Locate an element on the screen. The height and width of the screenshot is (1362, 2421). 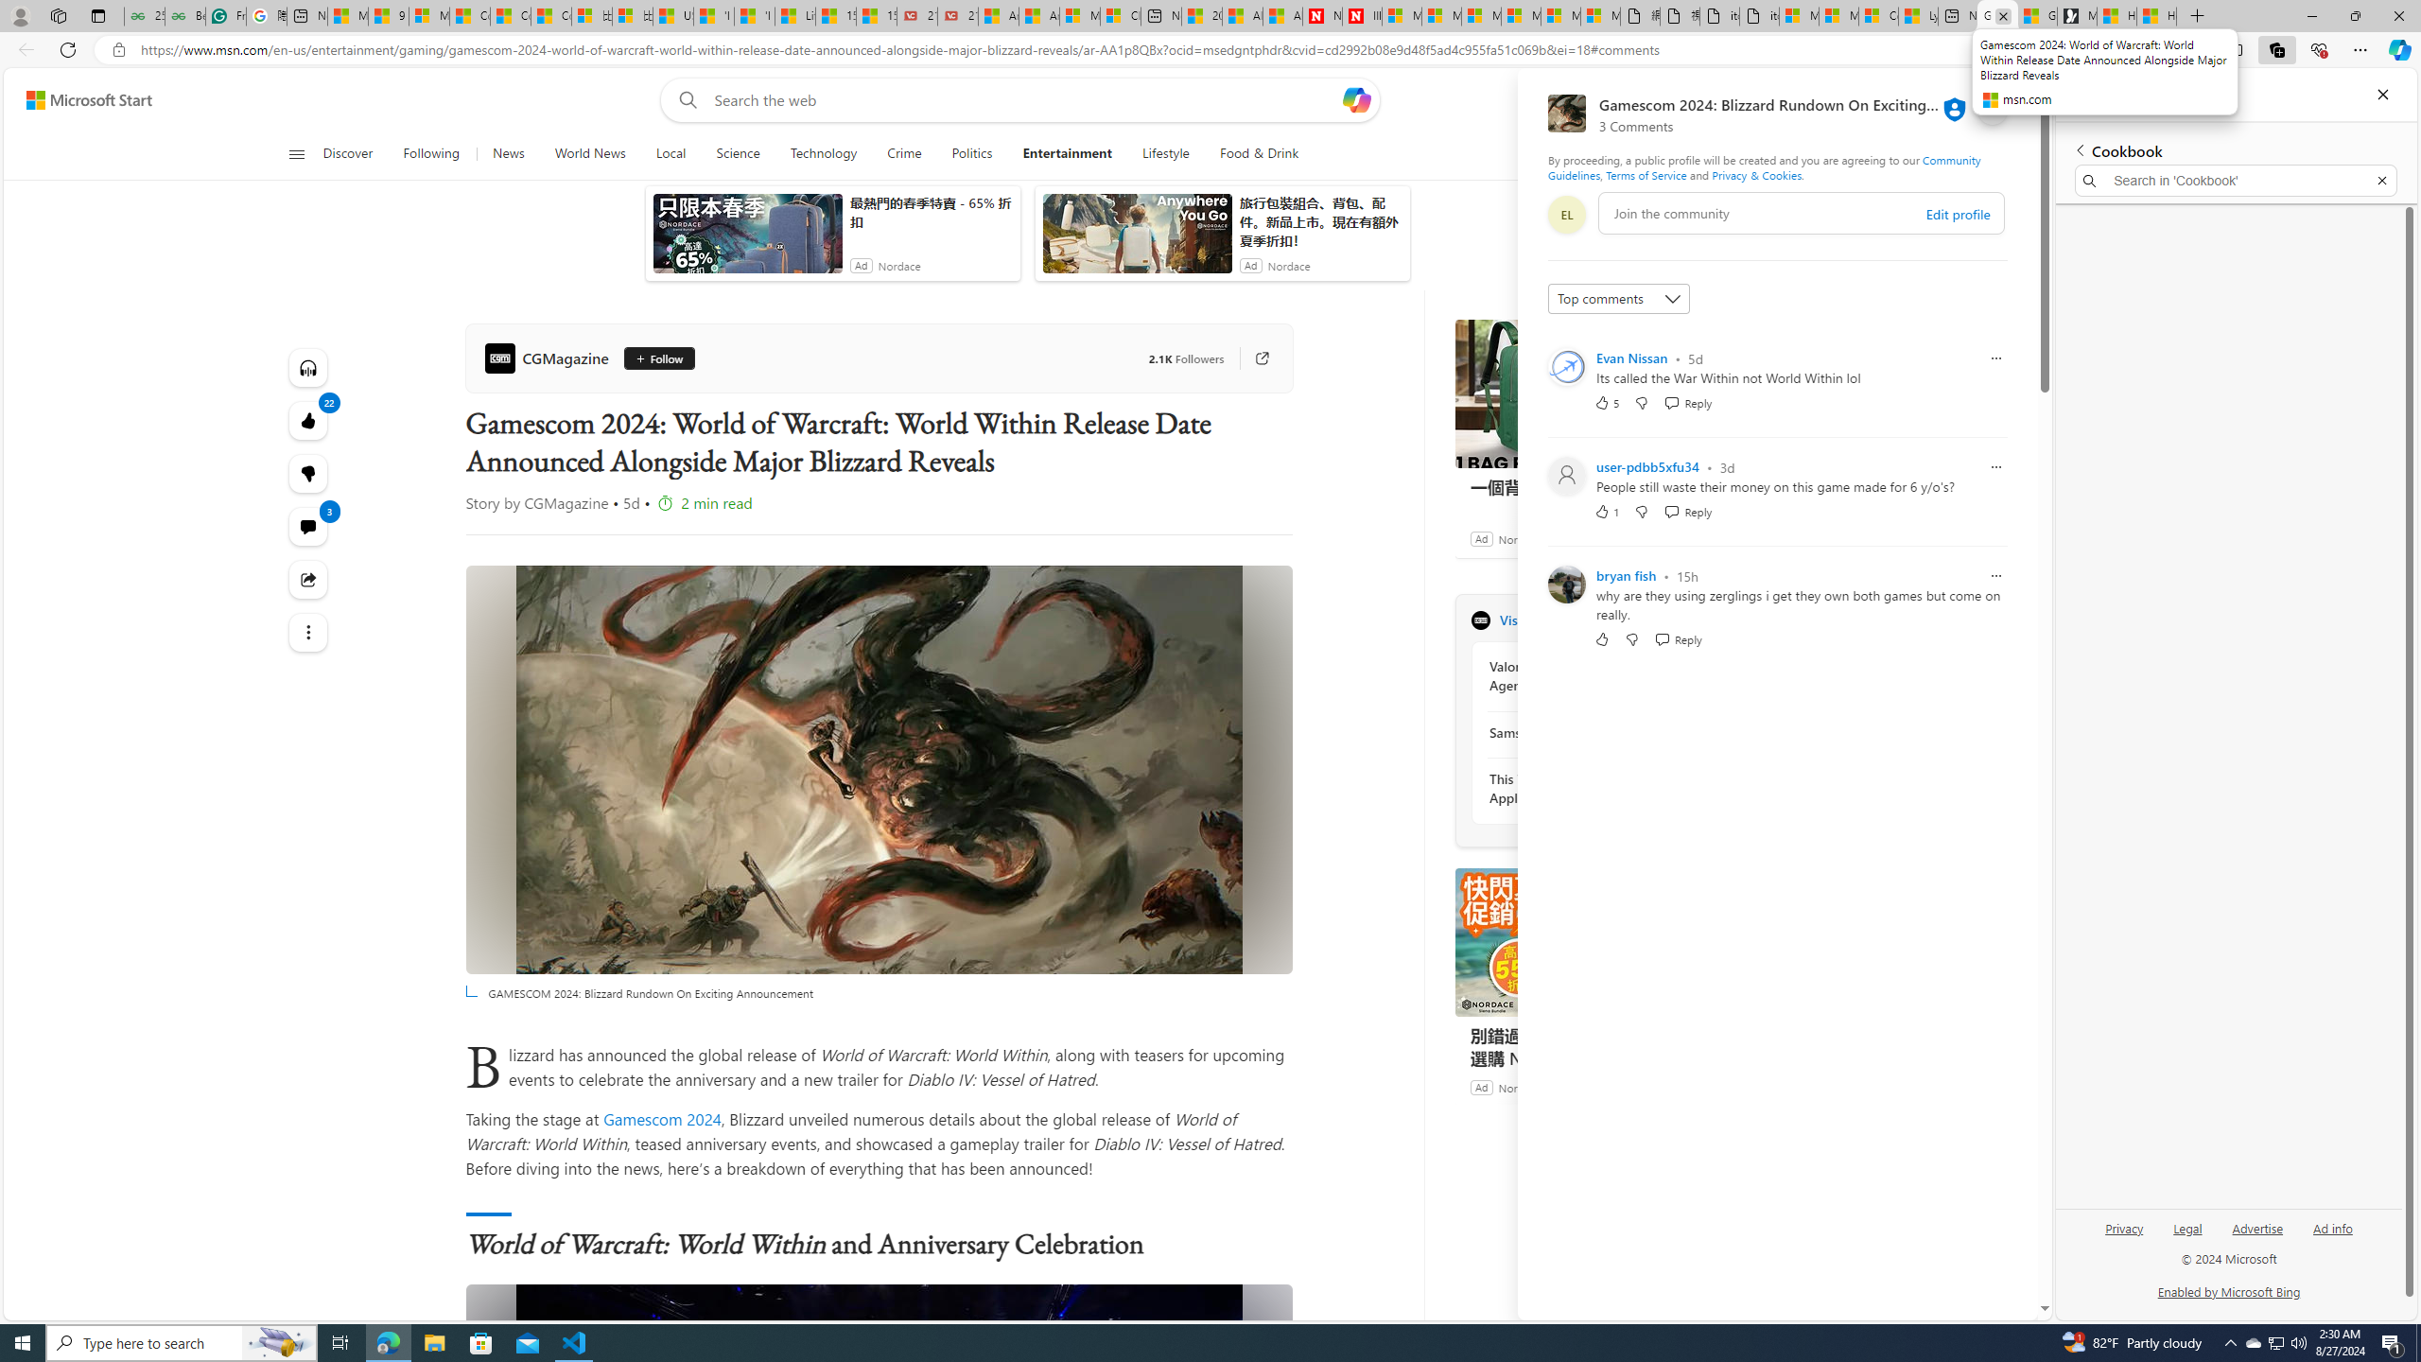
'Cloud Computing Services | Microsoft Azure' is located at coordinates (1121, 15).